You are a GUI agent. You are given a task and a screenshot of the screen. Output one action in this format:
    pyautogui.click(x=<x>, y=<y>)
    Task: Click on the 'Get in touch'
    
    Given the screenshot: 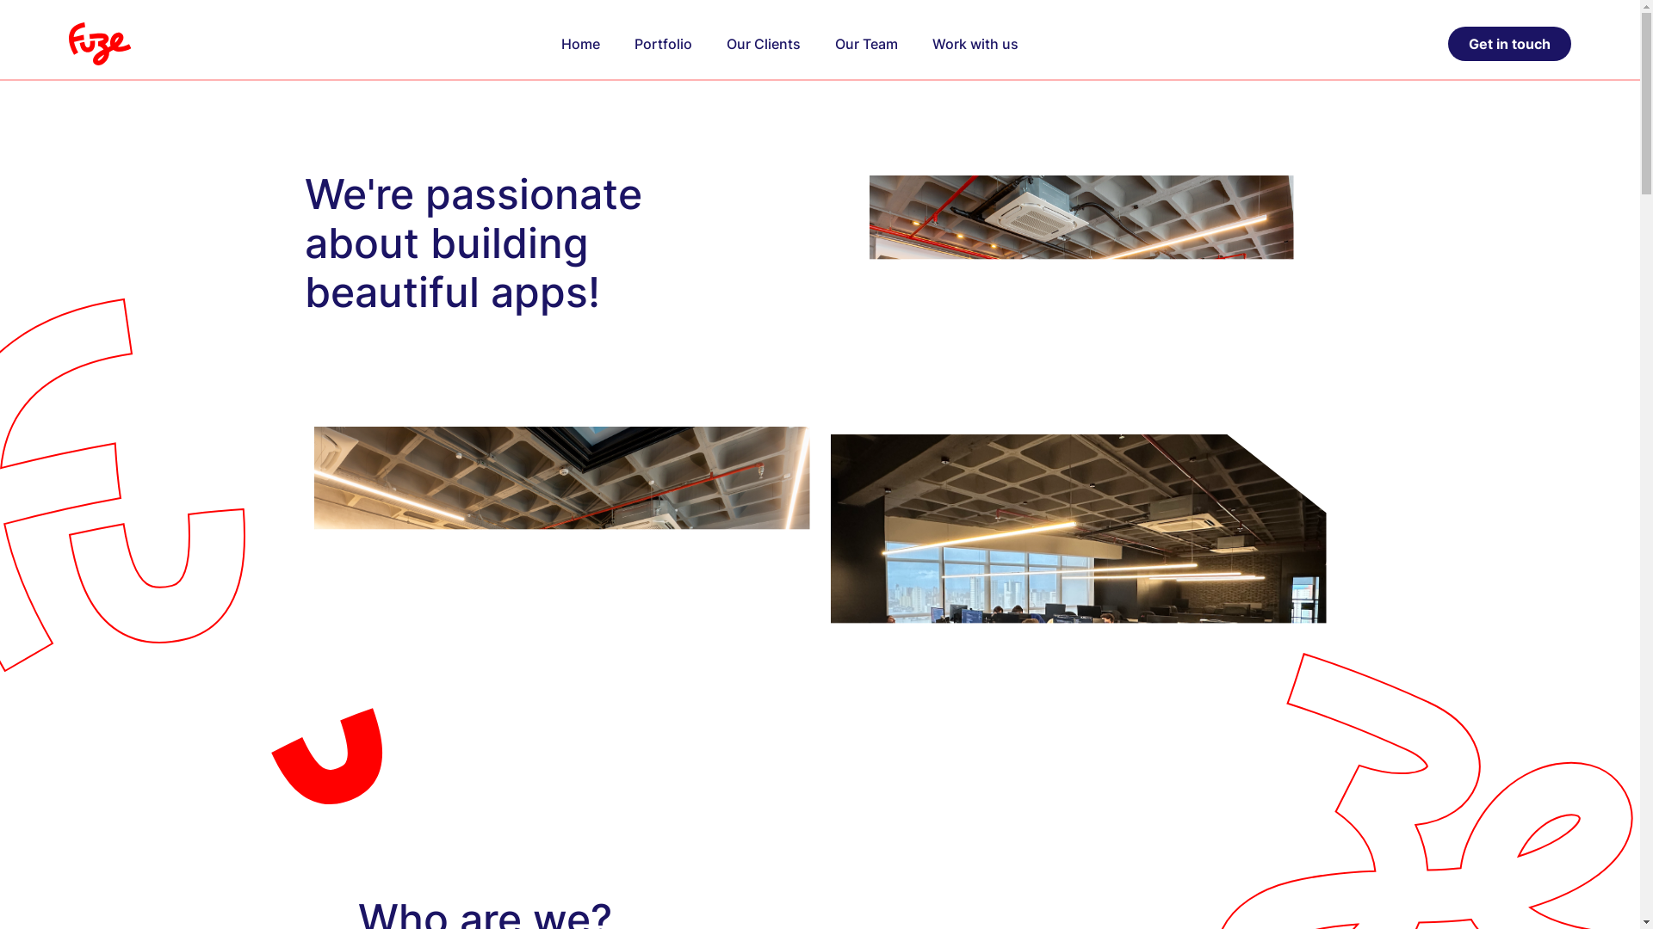 What is the action you would take?
    pyautogui.click(x=1508, y=42)
    